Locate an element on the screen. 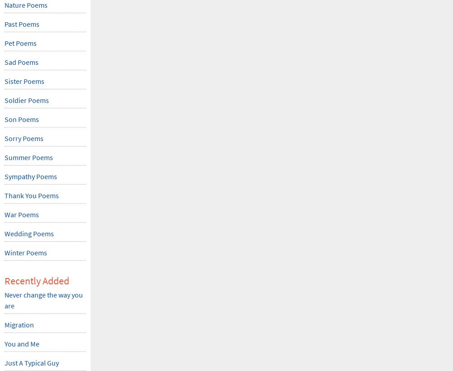  'Summer Poems' is located at coordinates (28, 157).